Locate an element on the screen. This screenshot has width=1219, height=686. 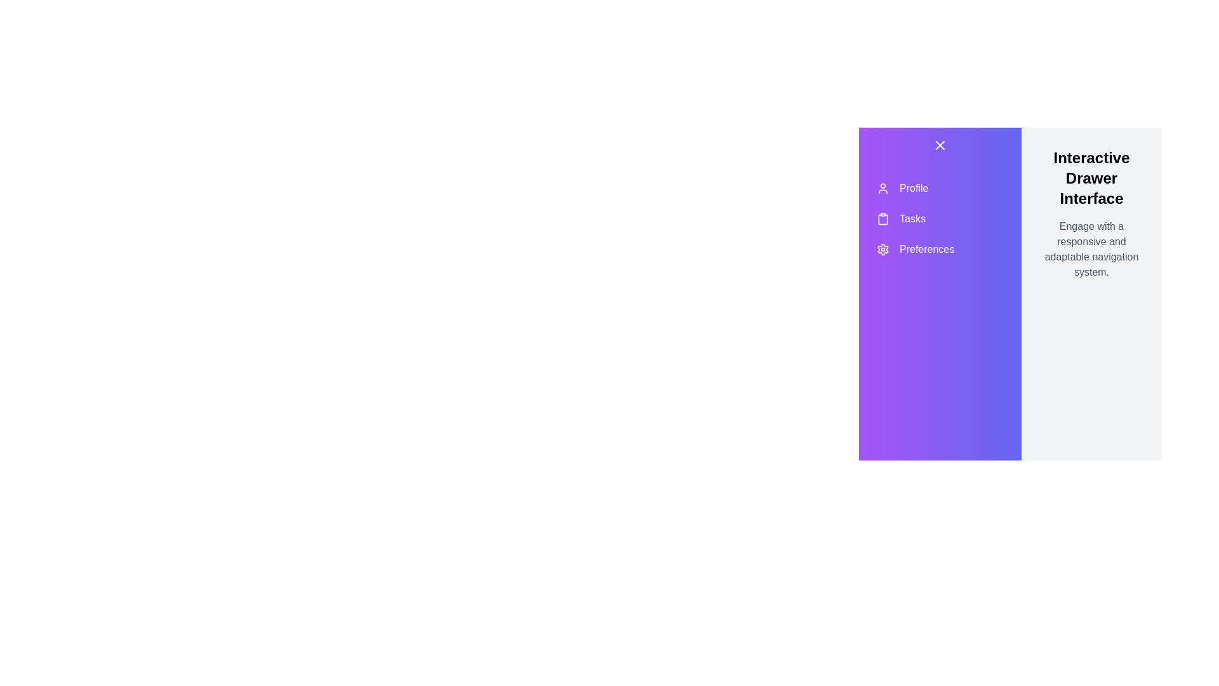
toggle button located at the top of the sidebar to toggle its visibility is located at coordinates (940, 144).